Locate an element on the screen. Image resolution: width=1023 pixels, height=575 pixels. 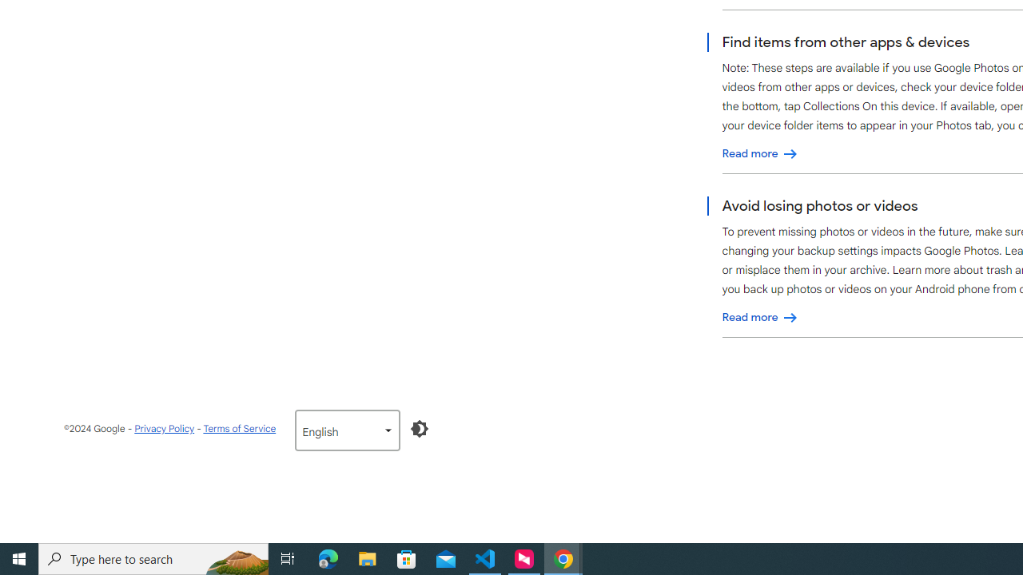
'Enable Dark Mode' is located at coordinates (420, 427).